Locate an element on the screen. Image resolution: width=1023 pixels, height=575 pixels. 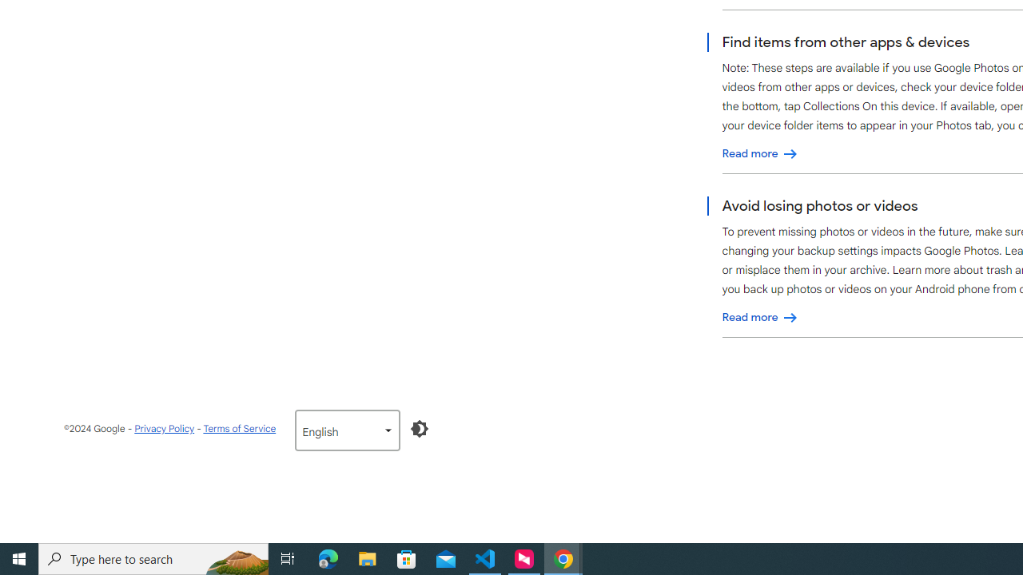
'Enable Dark Mode' is located at coordinates (420, 427).